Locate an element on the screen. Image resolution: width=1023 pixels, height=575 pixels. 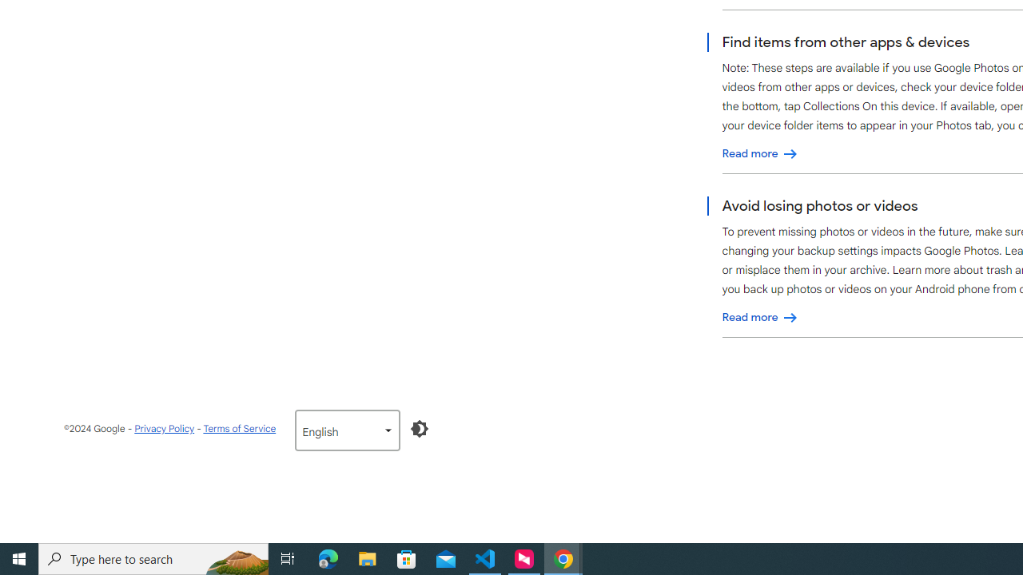
'Enable Dark Mode' is located at coordinates (420, 427).